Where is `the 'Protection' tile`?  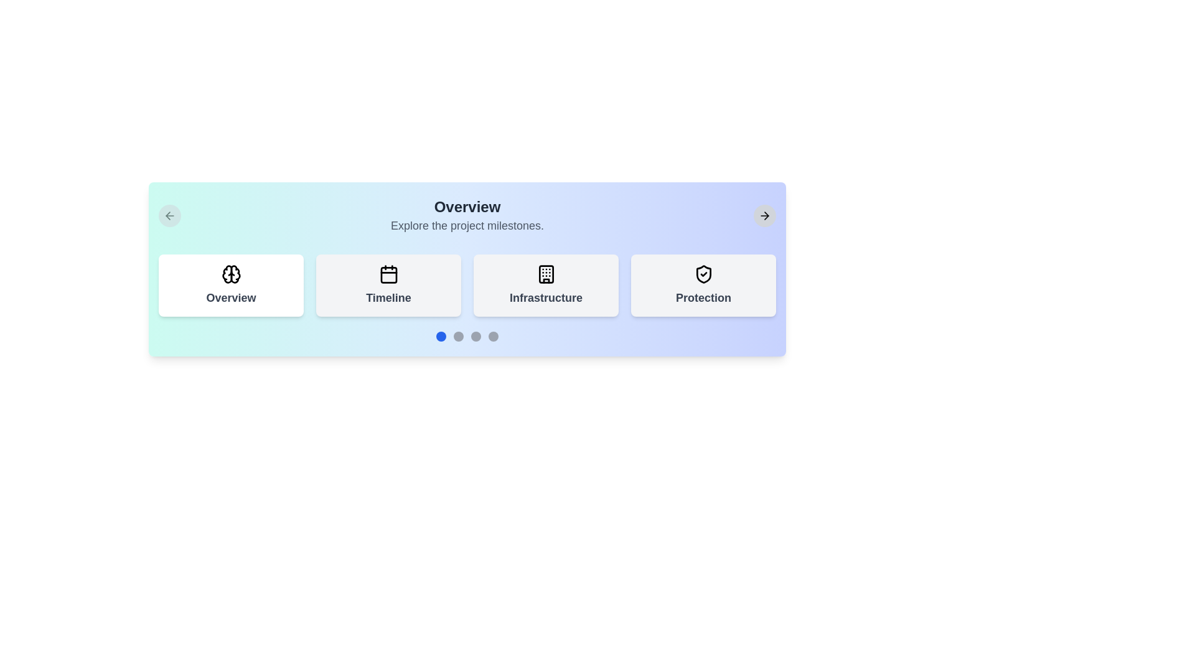
the 'Protection' tile is located at coordinates (703, 273).